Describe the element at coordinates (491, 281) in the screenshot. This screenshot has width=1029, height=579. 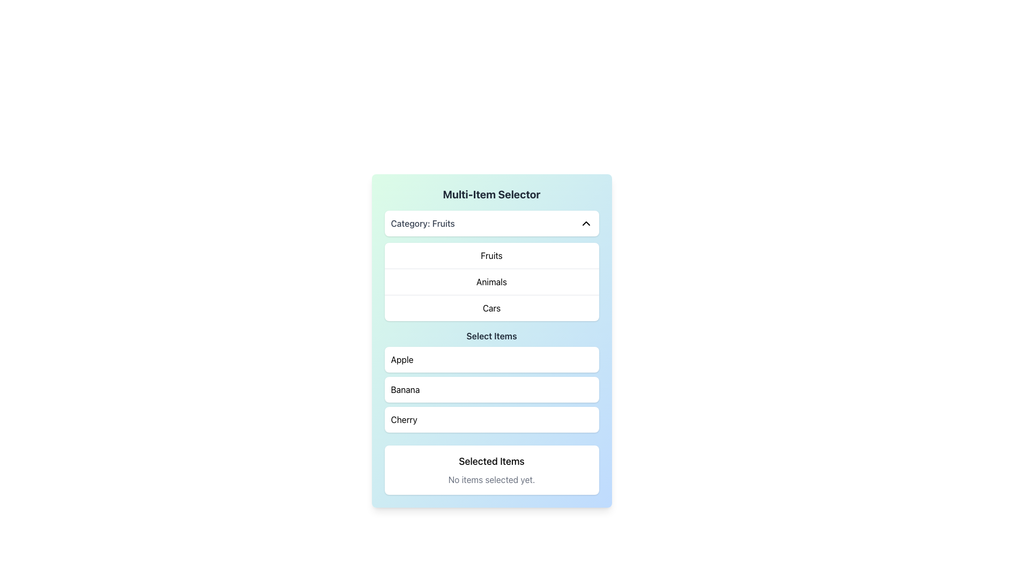
I see `the 'Animals' text label, which is the second item in the dropdown menu titled 'Category: Fruits'` at that location.